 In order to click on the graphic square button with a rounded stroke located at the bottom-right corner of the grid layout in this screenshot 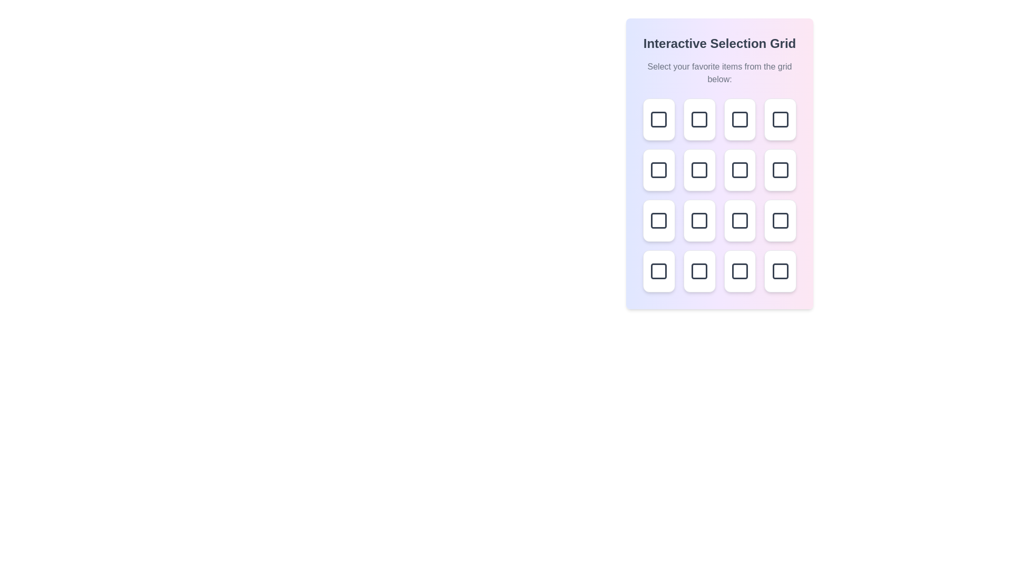, I will do `click(780, 271)`.